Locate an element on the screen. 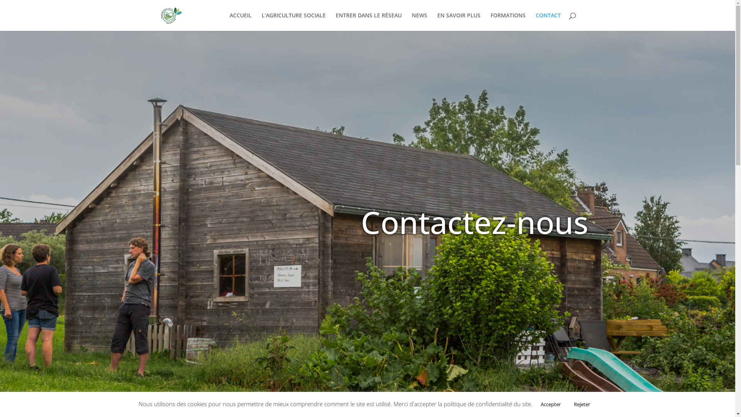 This screenshot has height=417, width=741. 'CONTACT' is located at coordinates (535, 21).